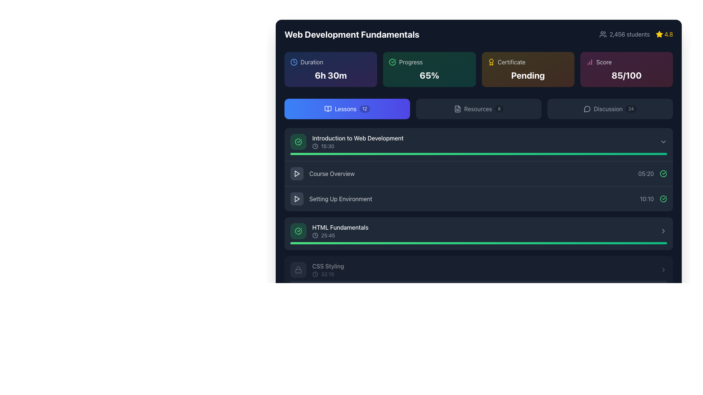 The image size is (703, 395). Describe the element at coordinates (315, 236) in the screenshot. I see `the clock icon styled in a circular shape with hour and minute hands, located in the 'HTML Fundamentals' row beside the text '25:45'` at that location.